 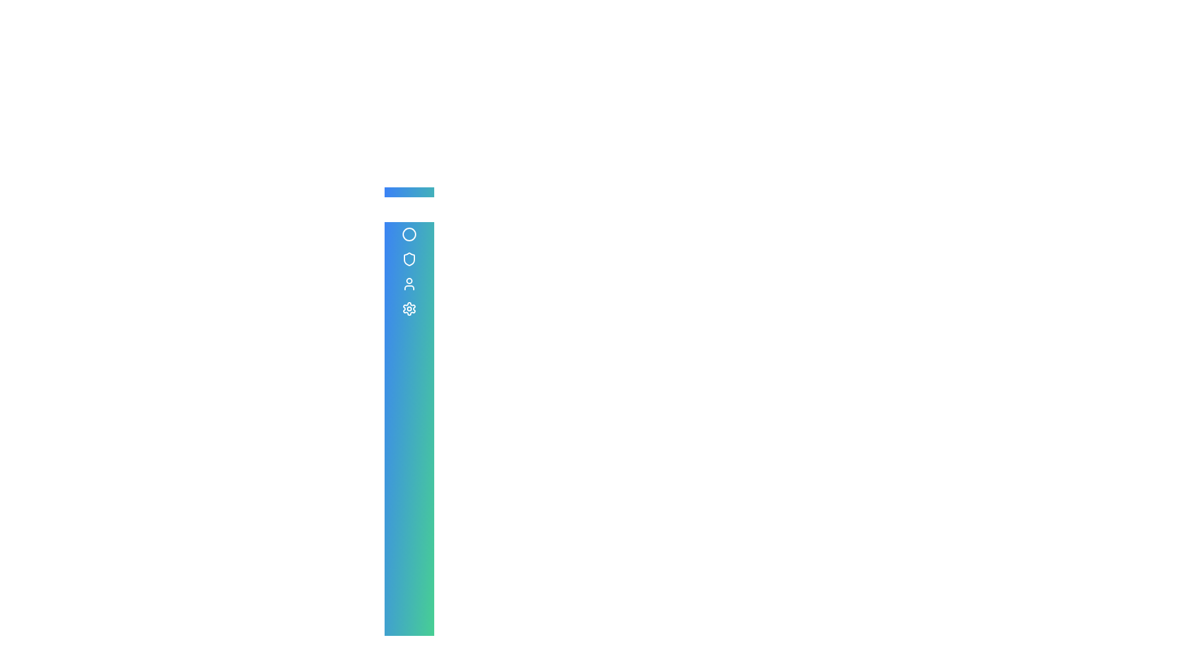 What do you see at coordinates (409, 284) in the screenshot?
I see `the user icon button, which is the fourth button from the top in a vertical stack on a gradient background side panel, to trigger tooltips or visual feedback` at bounding box center [409, 284].